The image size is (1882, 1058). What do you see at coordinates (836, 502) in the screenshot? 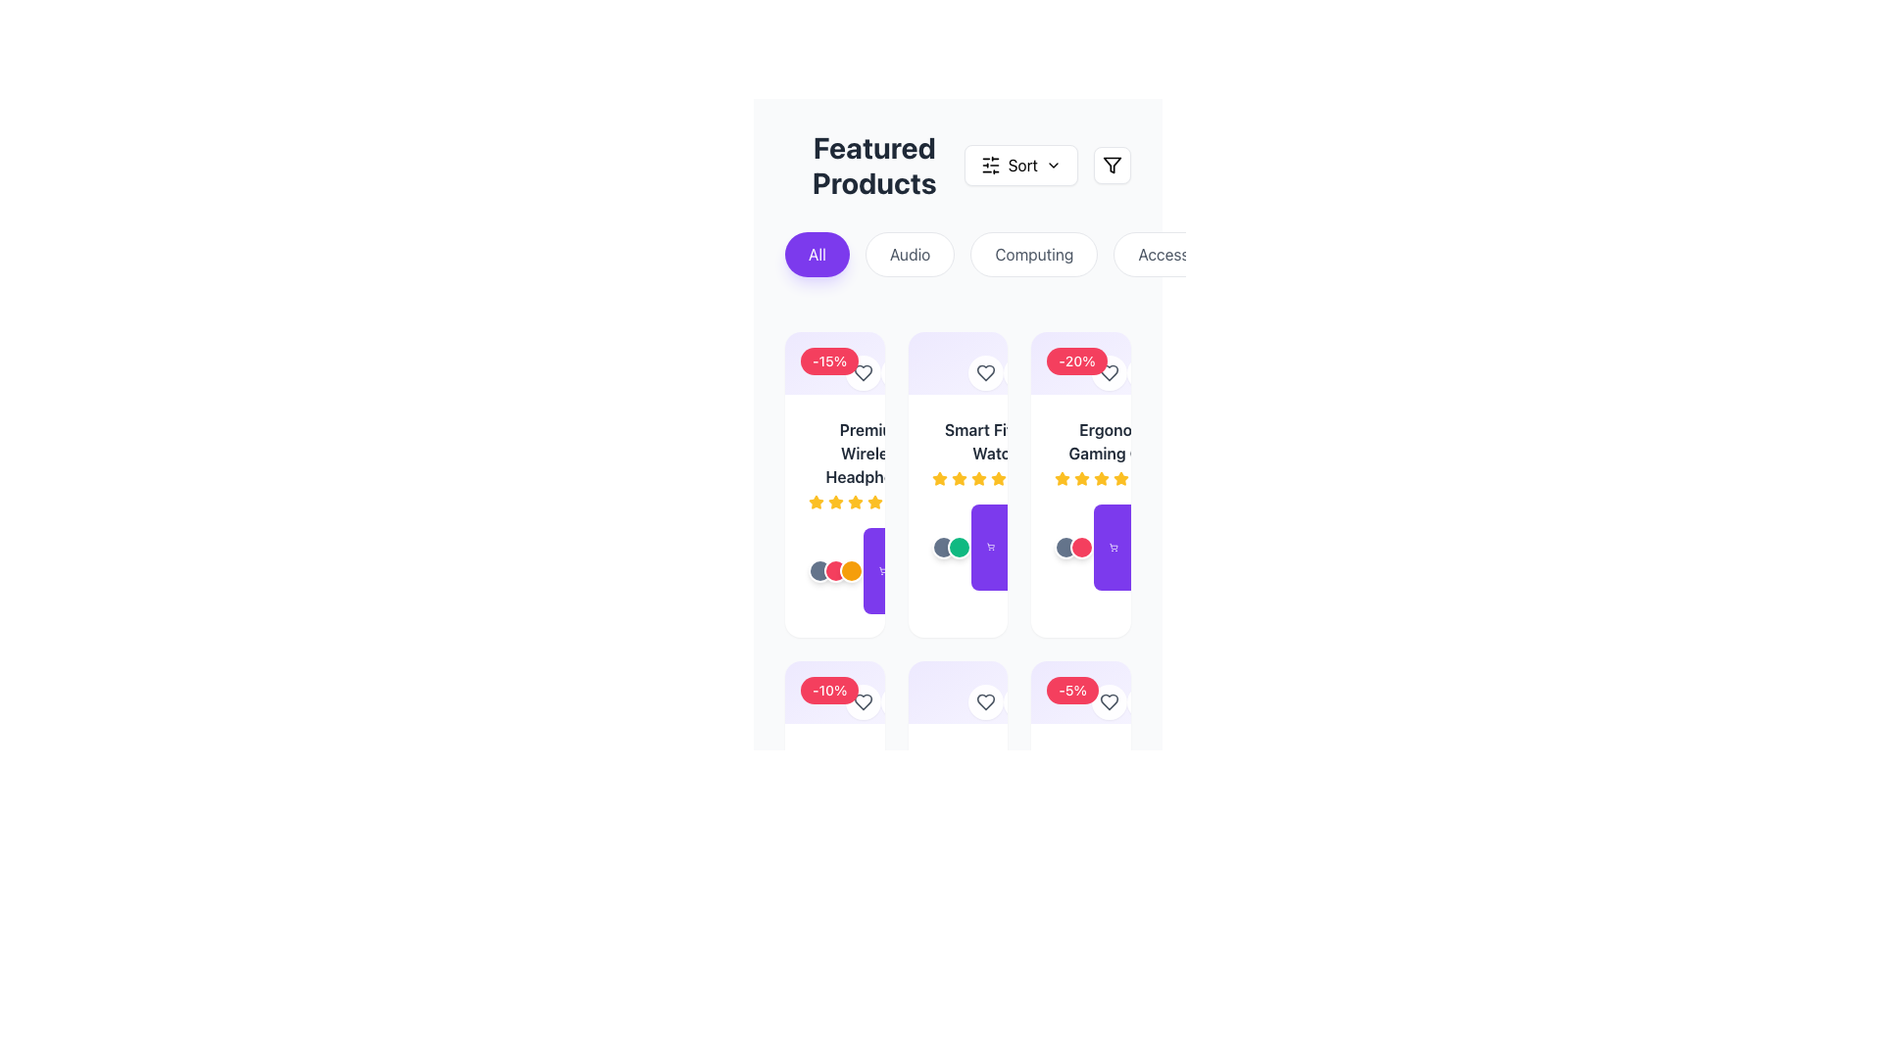
I see `the graphical appearance of the second star icon in the rating control, which indicates a specific rating level` at bounding box center [836, 502].